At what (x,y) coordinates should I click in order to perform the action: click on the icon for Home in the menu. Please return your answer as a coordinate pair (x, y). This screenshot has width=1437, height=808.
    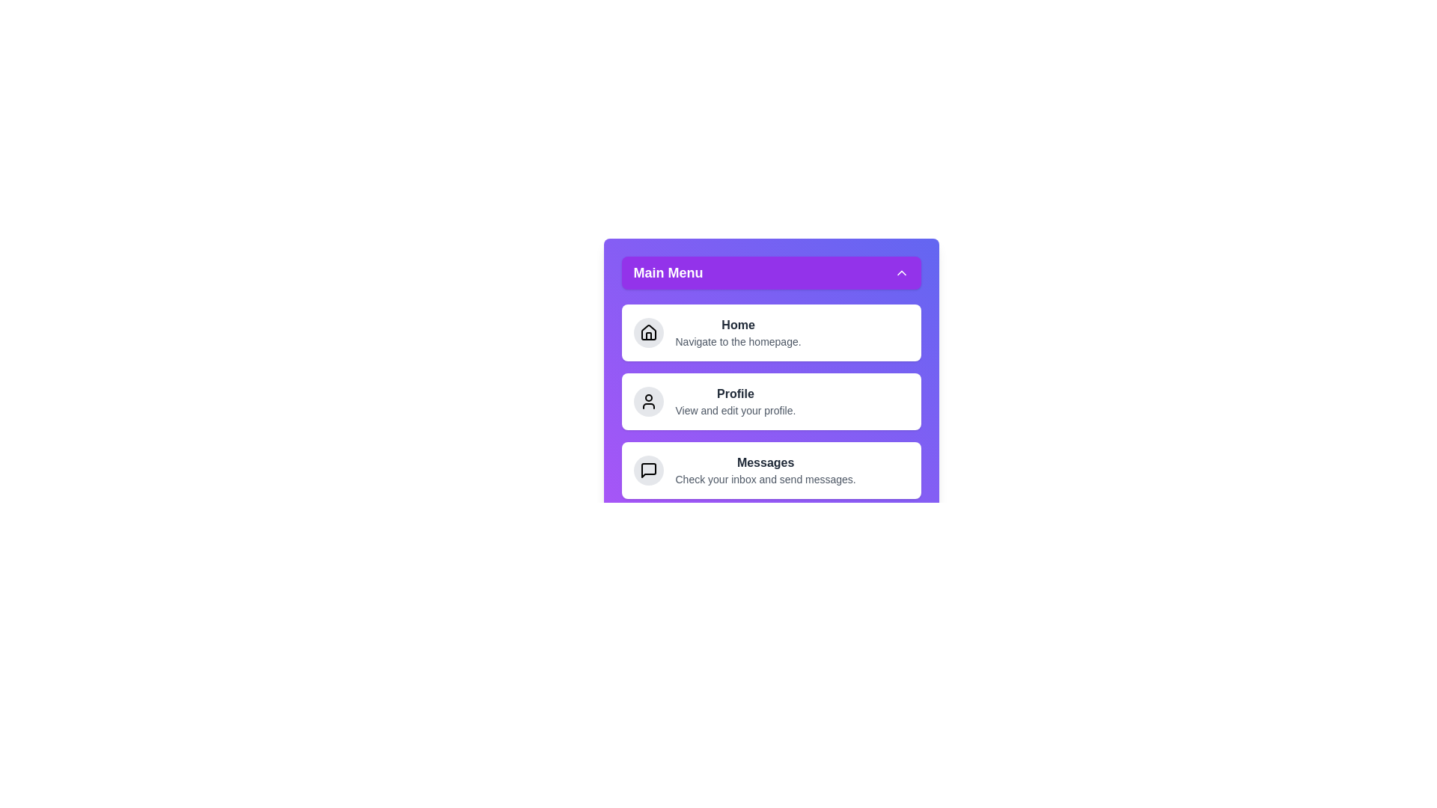
    Looking at the image, I should click on (648, 331).